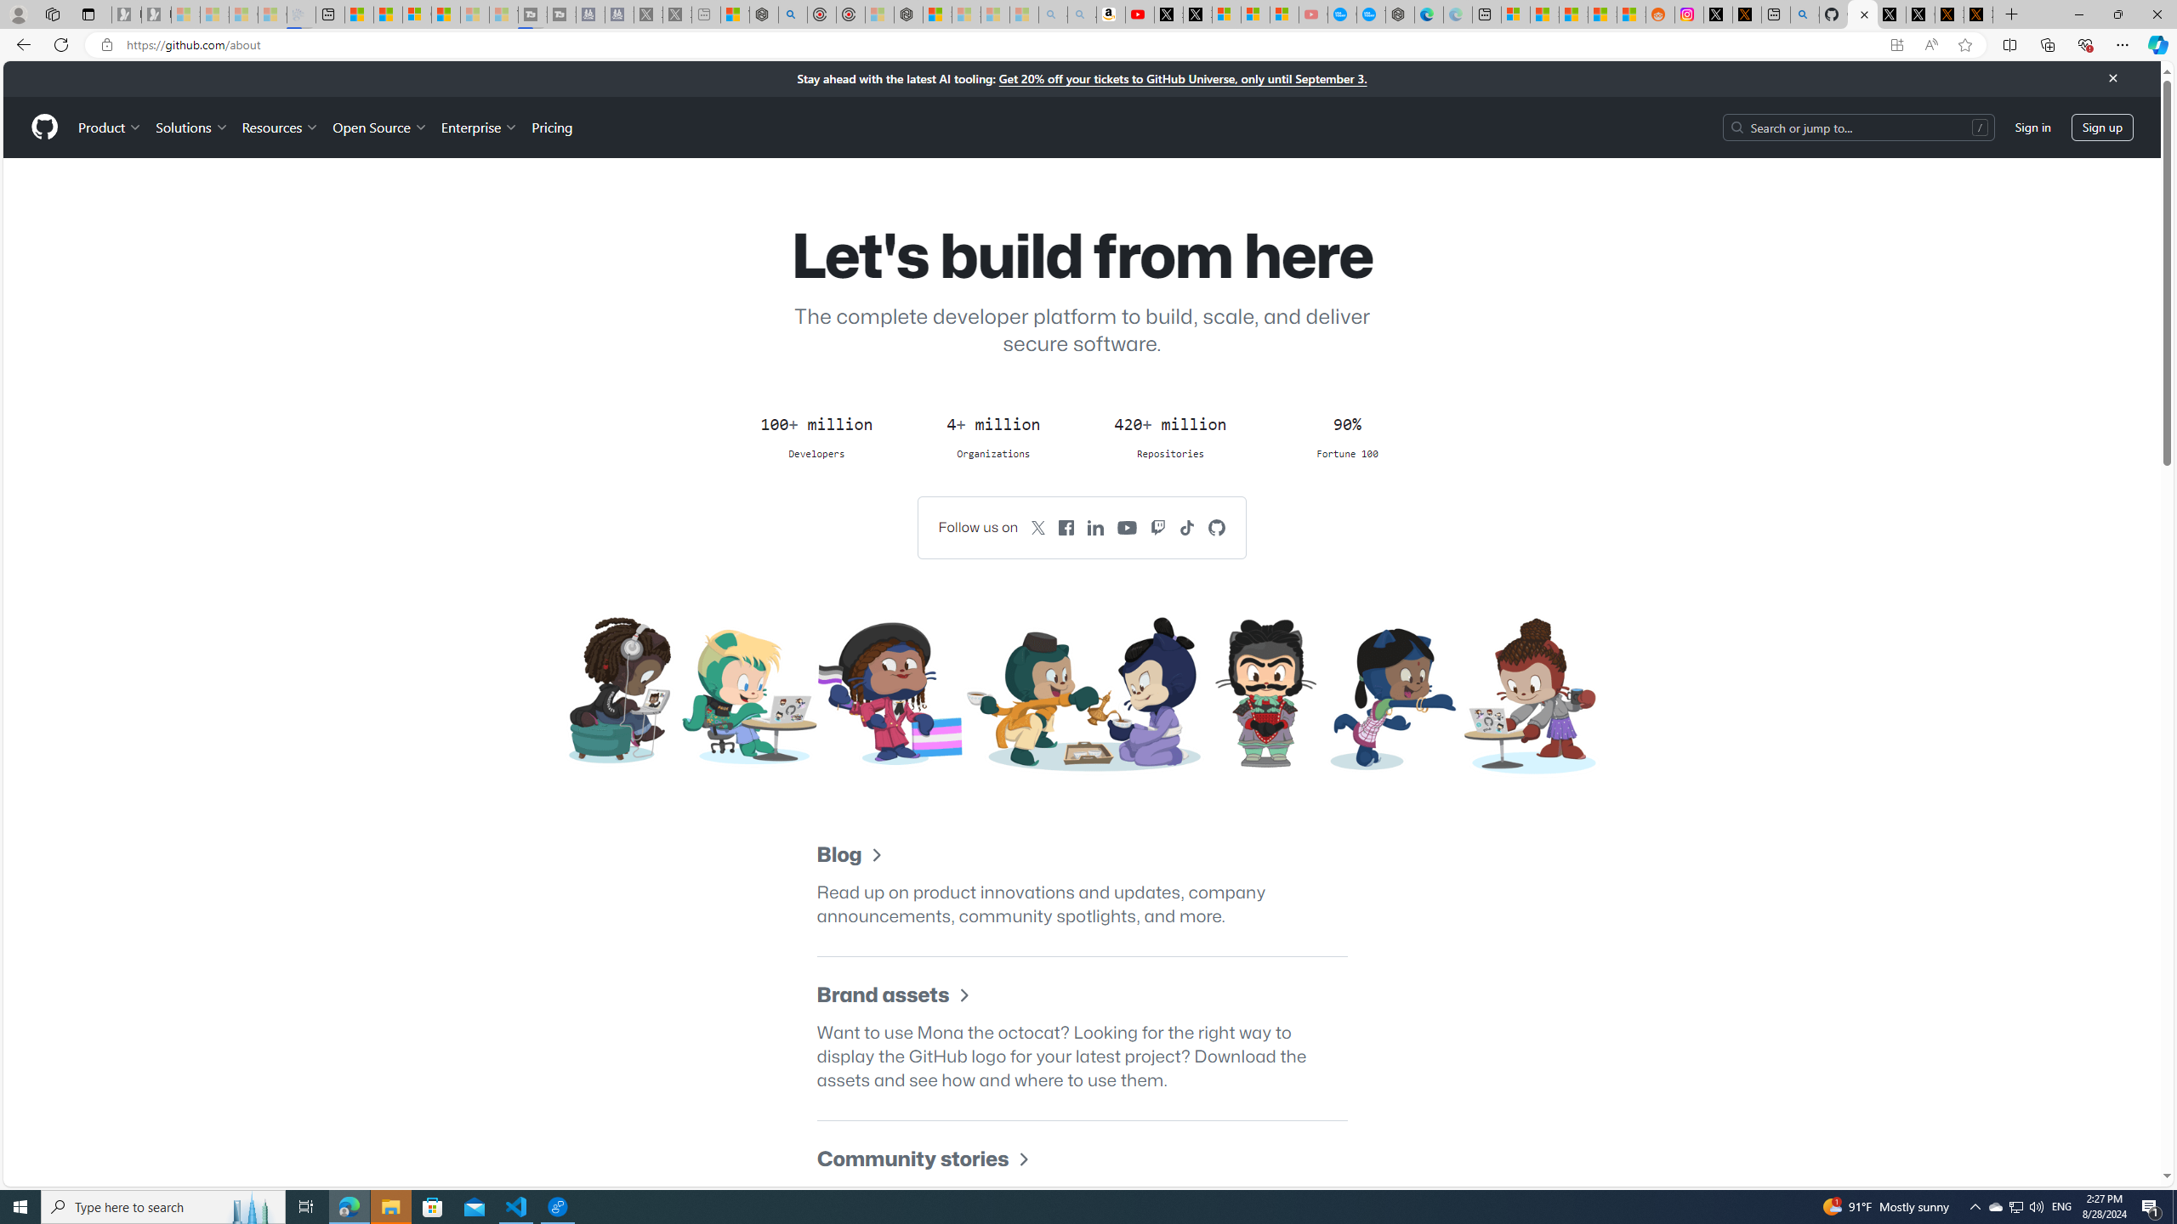  Describe the element at coordinates (1158, 527) in the screenshot. I see `'GitHub on Twitch'` at that location.